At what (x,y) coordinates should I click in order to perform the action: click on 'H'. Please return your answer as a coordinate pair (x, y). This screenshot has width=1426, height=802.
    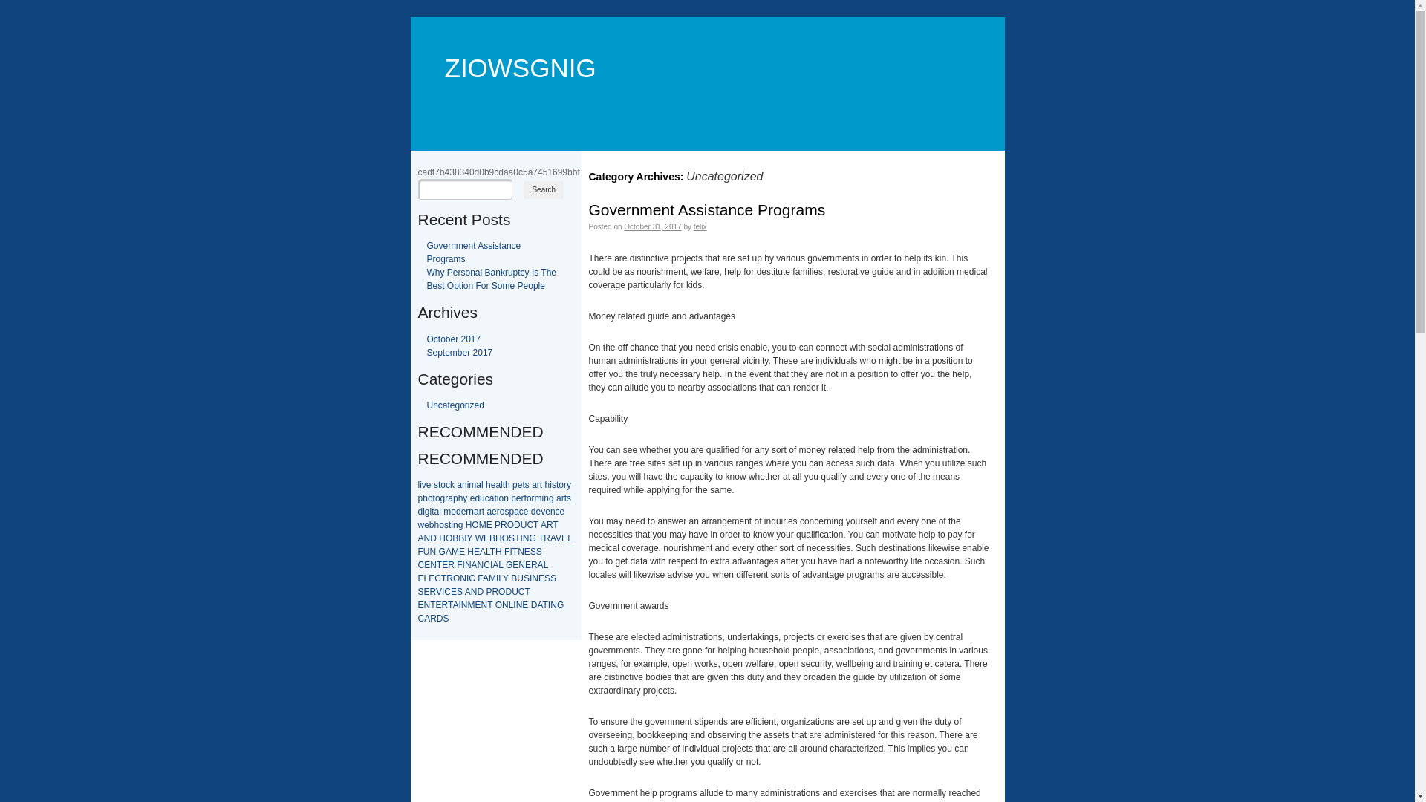
    Looking at the image, I should click on (498, 552).